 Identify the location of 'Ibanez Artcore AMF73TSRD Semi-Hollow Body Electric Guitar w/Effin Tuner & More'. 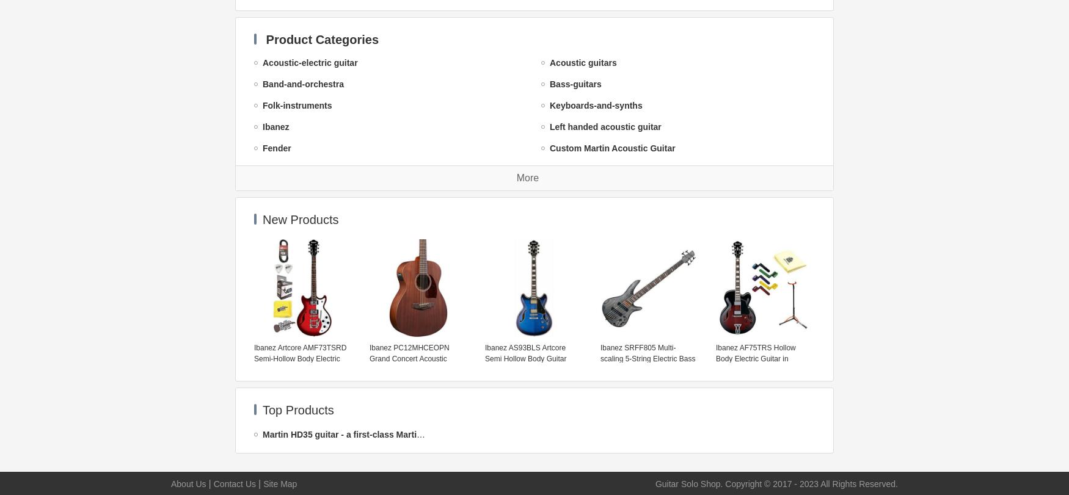
(300, 358).